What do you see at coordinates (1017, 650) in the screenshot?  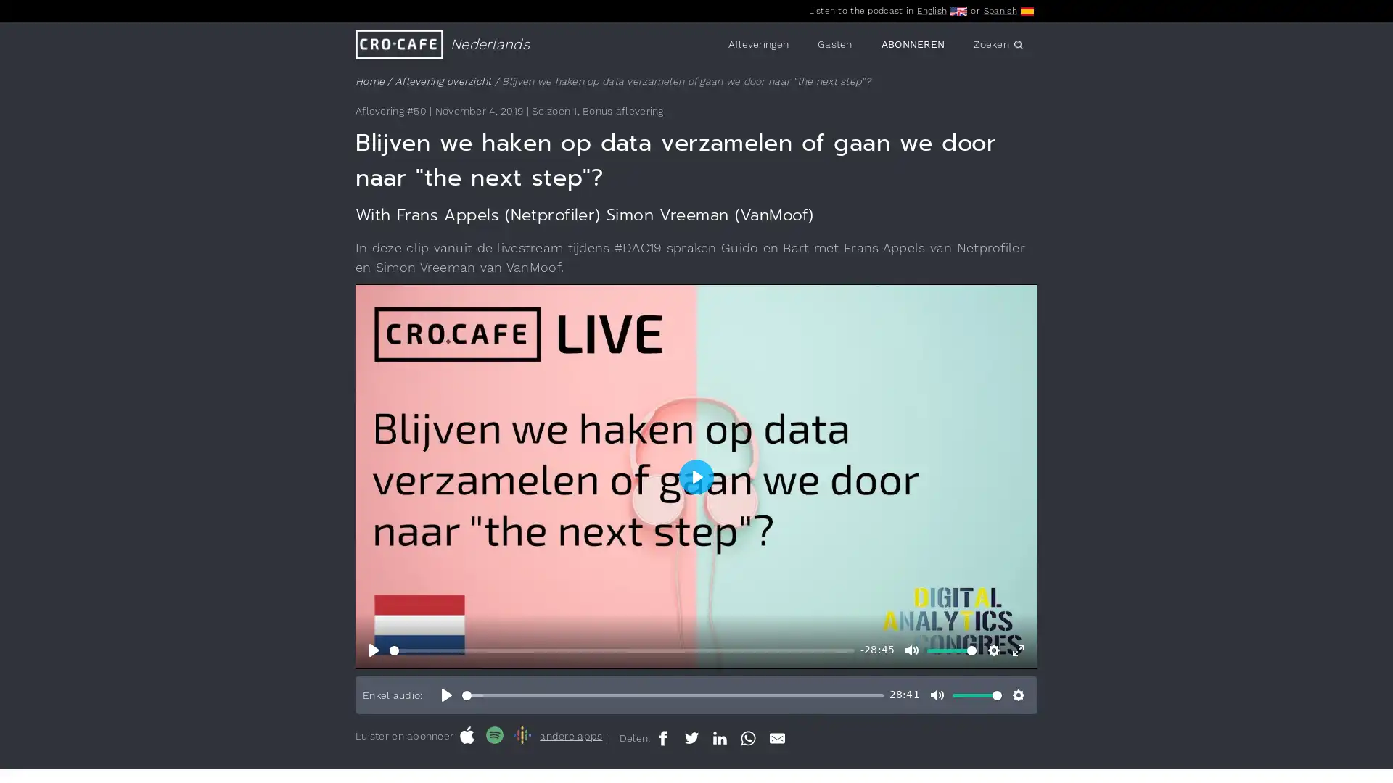 I see `Enter fullscreen` at bounding box center [1017, 650].